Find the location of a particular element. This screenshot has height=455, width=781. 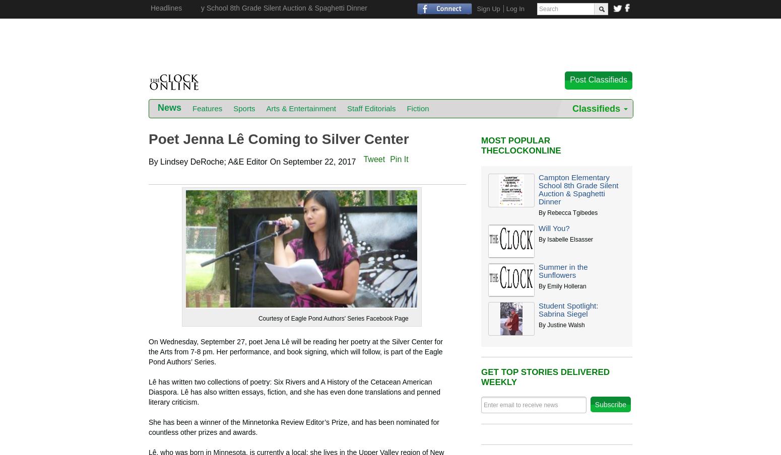

'Sign Up' is located at coordinates (488, 8).